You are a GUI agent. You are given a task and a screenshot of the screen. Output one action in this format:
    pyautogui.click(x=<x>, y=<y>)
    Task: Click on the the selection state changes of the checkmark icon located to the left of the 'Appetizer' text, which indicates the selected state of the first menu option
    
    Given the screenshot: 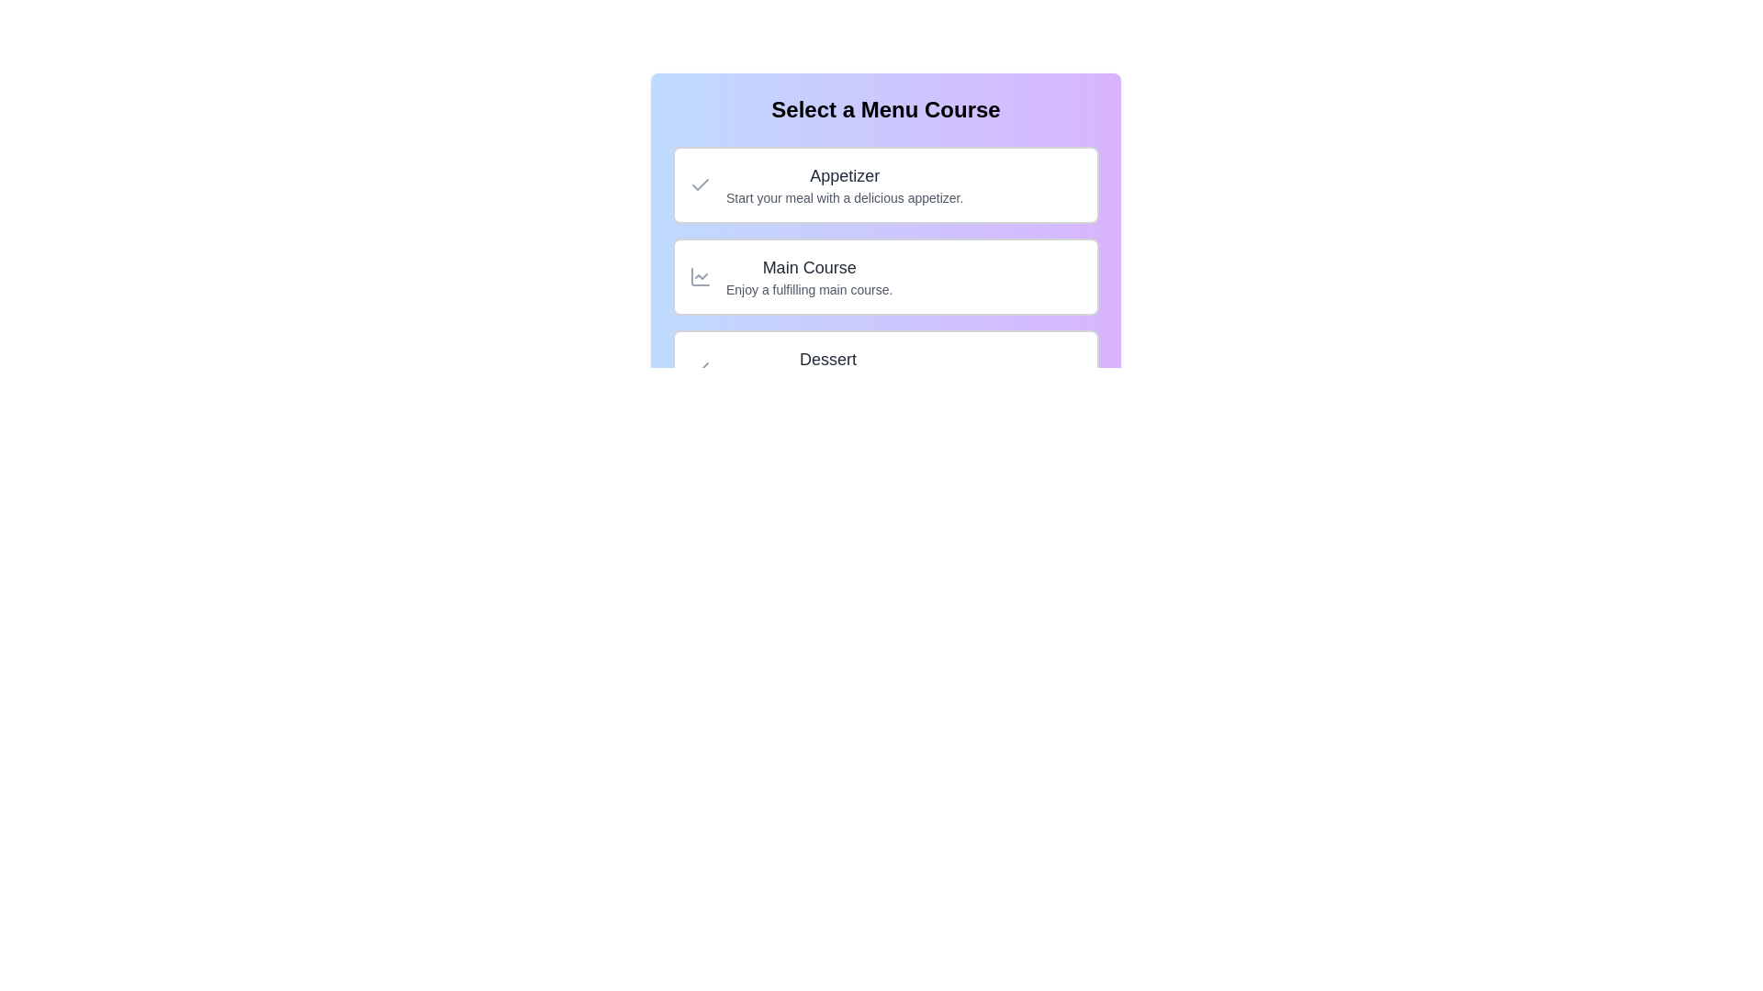 What is the action you would take?
    pyautogui.click(x=700, y=184)
    